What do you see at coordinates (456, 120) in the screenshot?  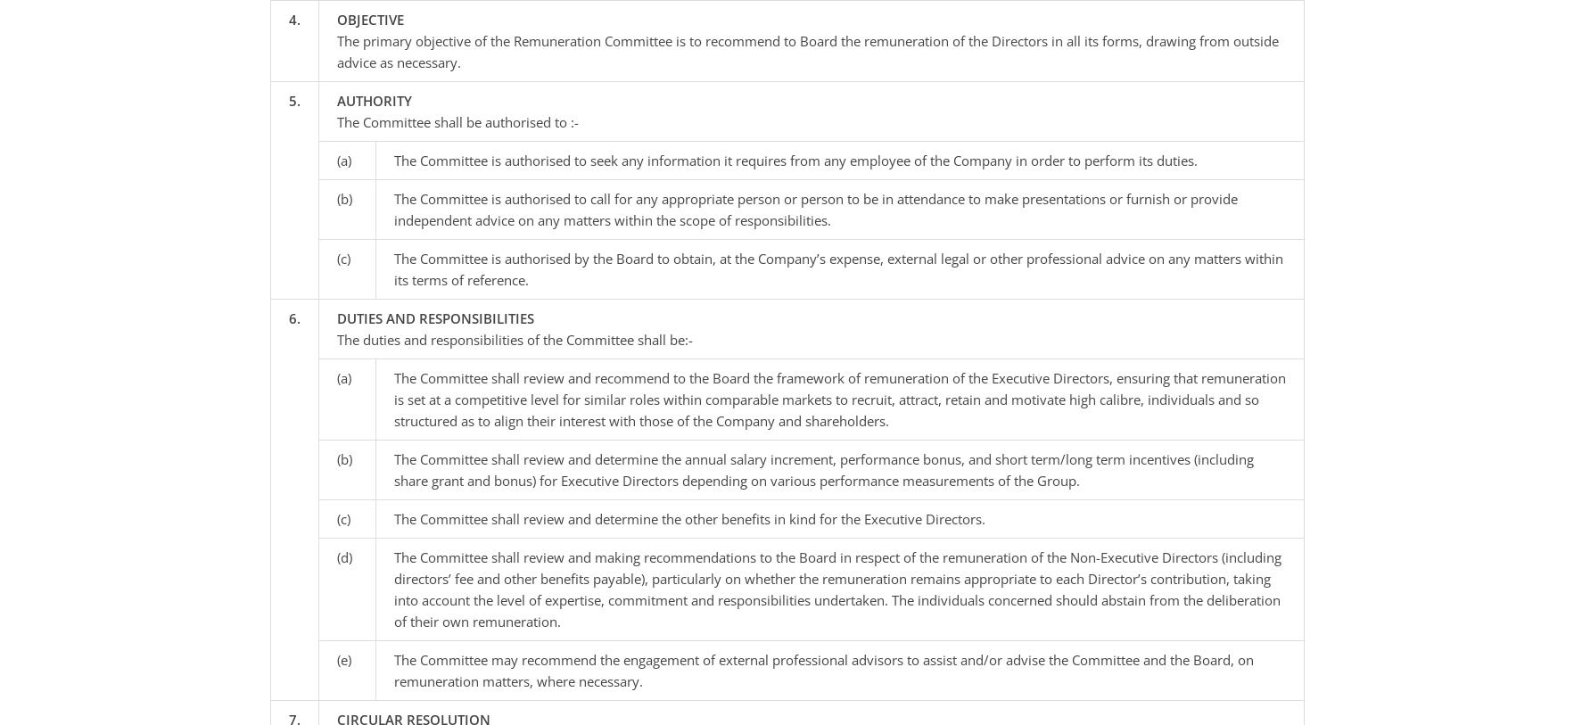 I see `'The Committee shall be authorised to :-'` at bounding box center [456, 120].